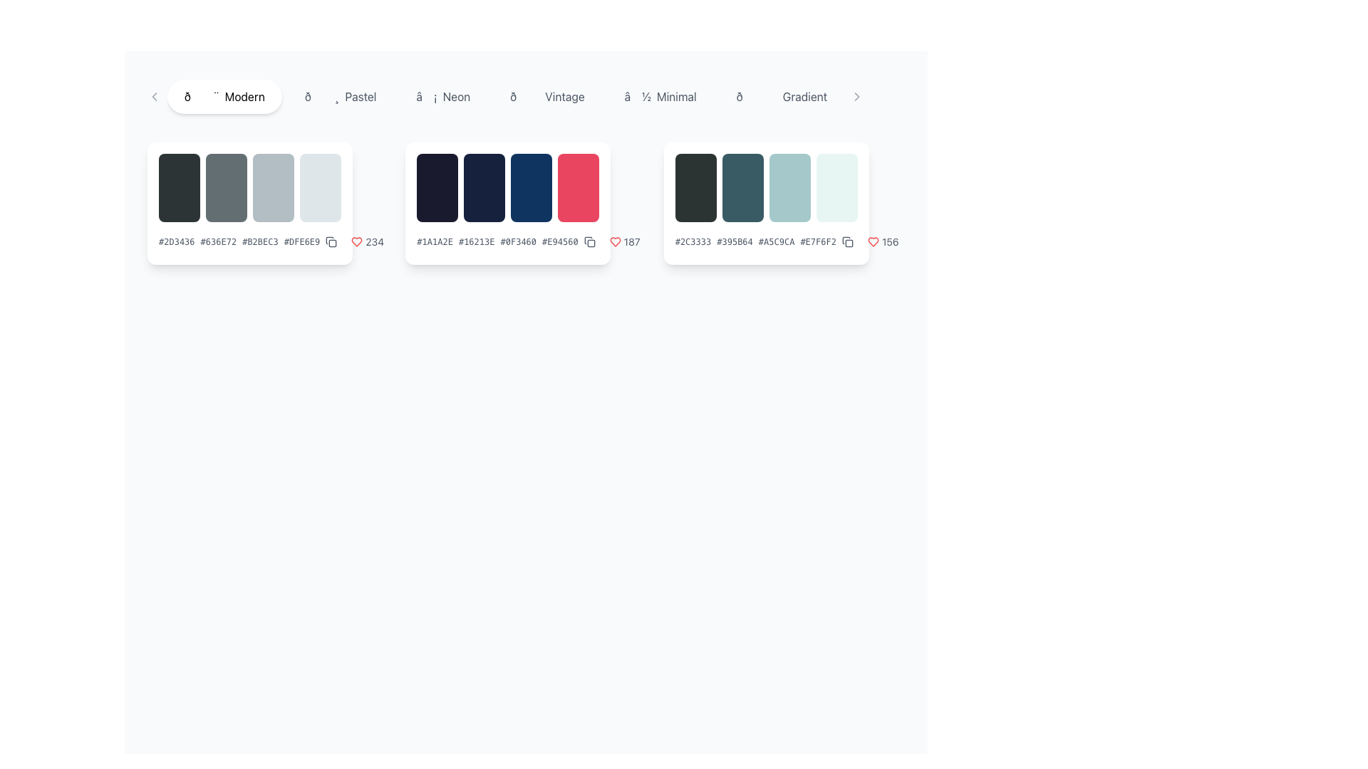 This screenshot has width=1368, height=769. What do you see at coordinates (508, 203) in the screenshot?
I see `to select the second card in the grid displaying the color palette and related features, which is centered between two other cards` at bounding box center [508, 203].